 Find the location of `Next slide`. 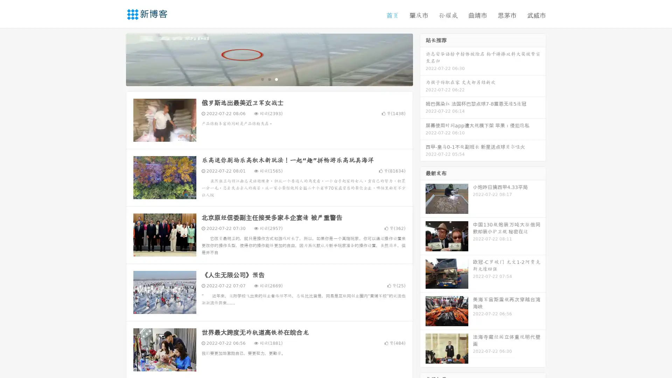

Next slide is located at coordinates (423, 59).